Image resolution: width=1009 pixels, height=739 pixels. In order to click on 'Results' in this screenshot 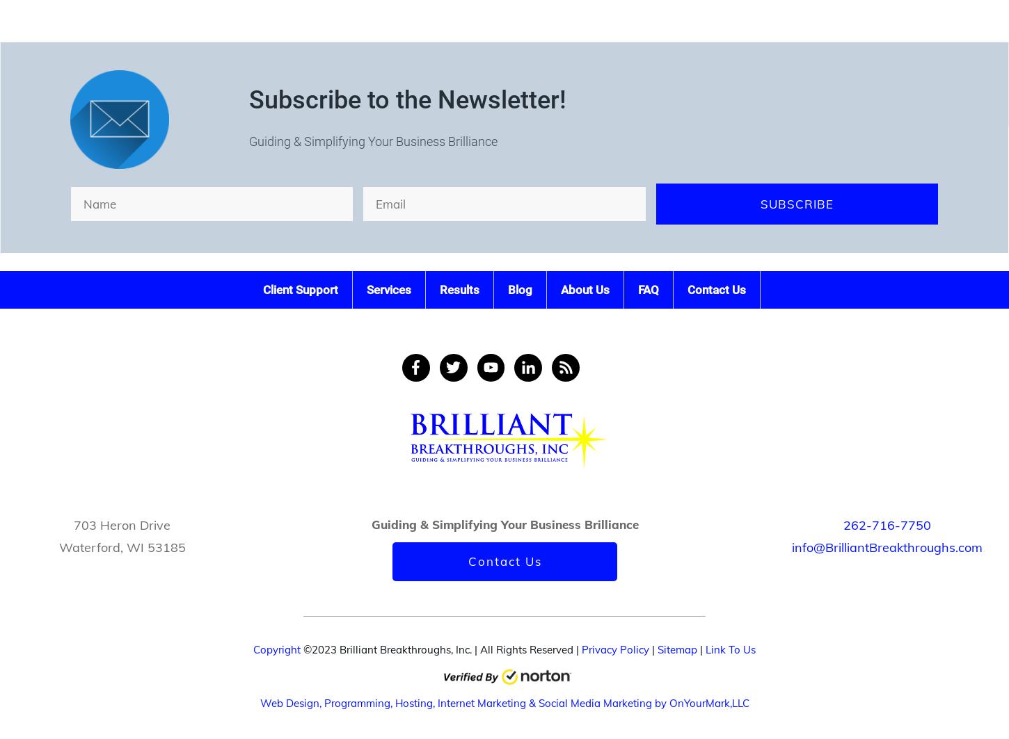, I will do `click(458, 289)`.